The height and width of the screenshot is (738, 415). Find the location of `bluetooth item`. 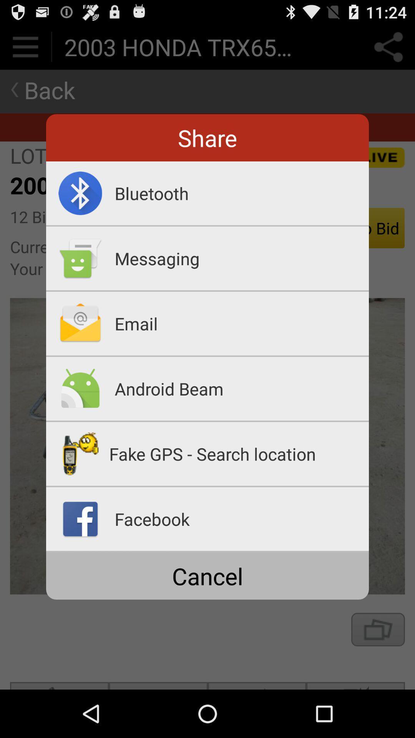

bluetooth item is located at coordinates (241, 193).